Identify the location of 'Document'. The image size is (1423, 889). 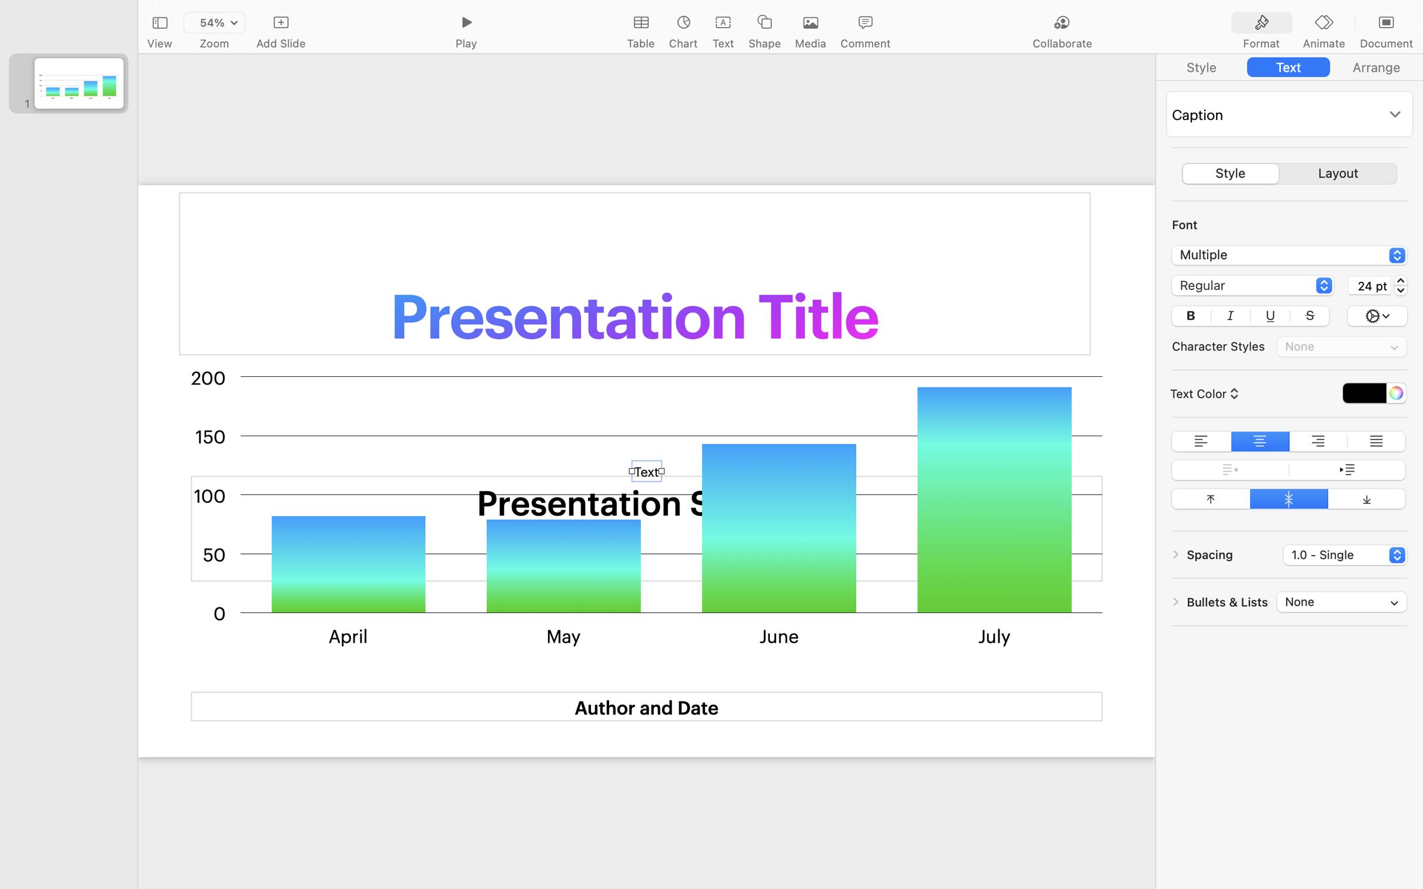
(1385, 44).